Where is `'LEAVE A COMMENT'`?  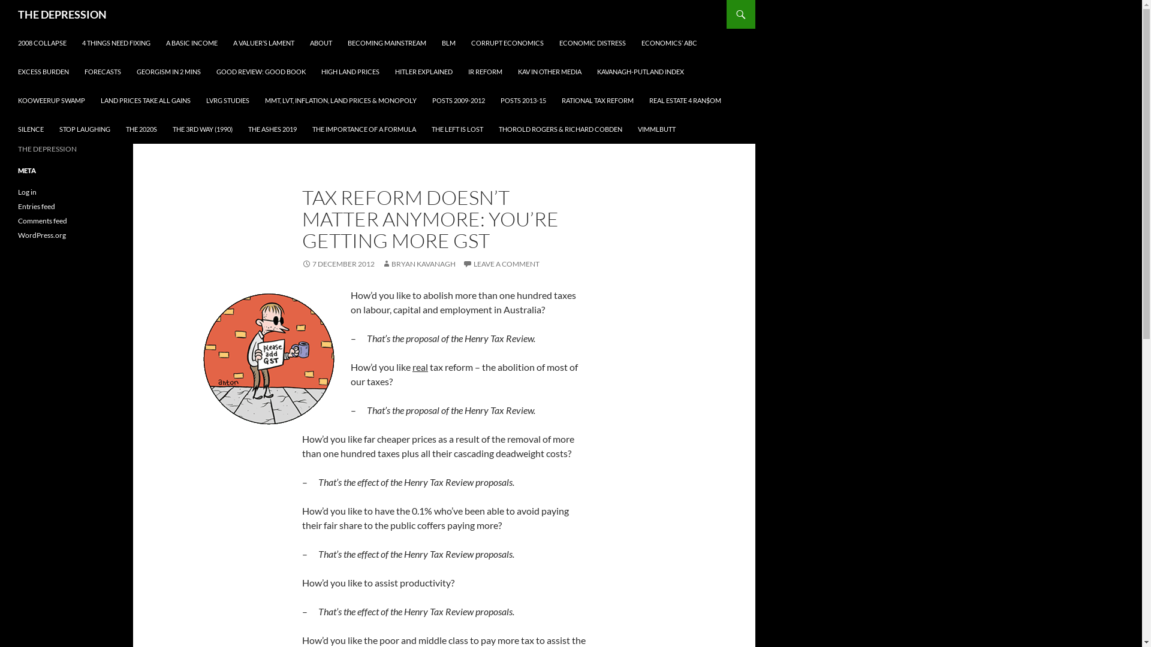 'LEAVE A COMMENT' is located at coordinates (462, 263).